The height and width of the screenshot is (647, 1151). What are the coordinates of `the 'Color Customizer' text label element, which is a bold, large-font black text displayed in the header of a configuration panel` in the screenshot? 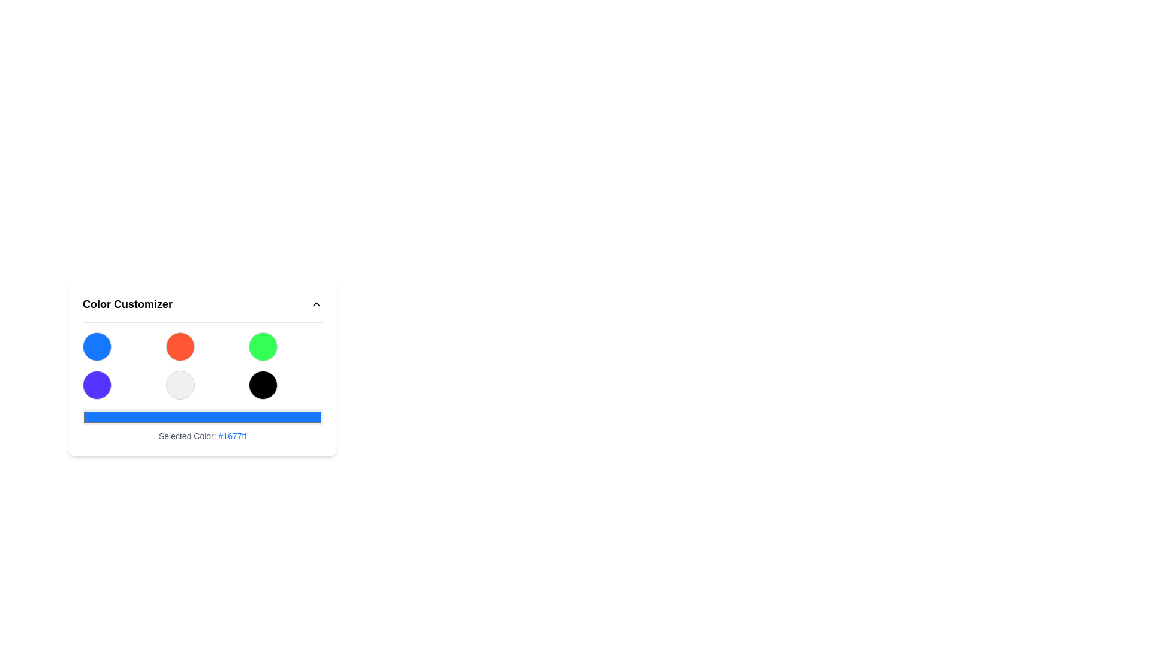 It's located at (127, 304).